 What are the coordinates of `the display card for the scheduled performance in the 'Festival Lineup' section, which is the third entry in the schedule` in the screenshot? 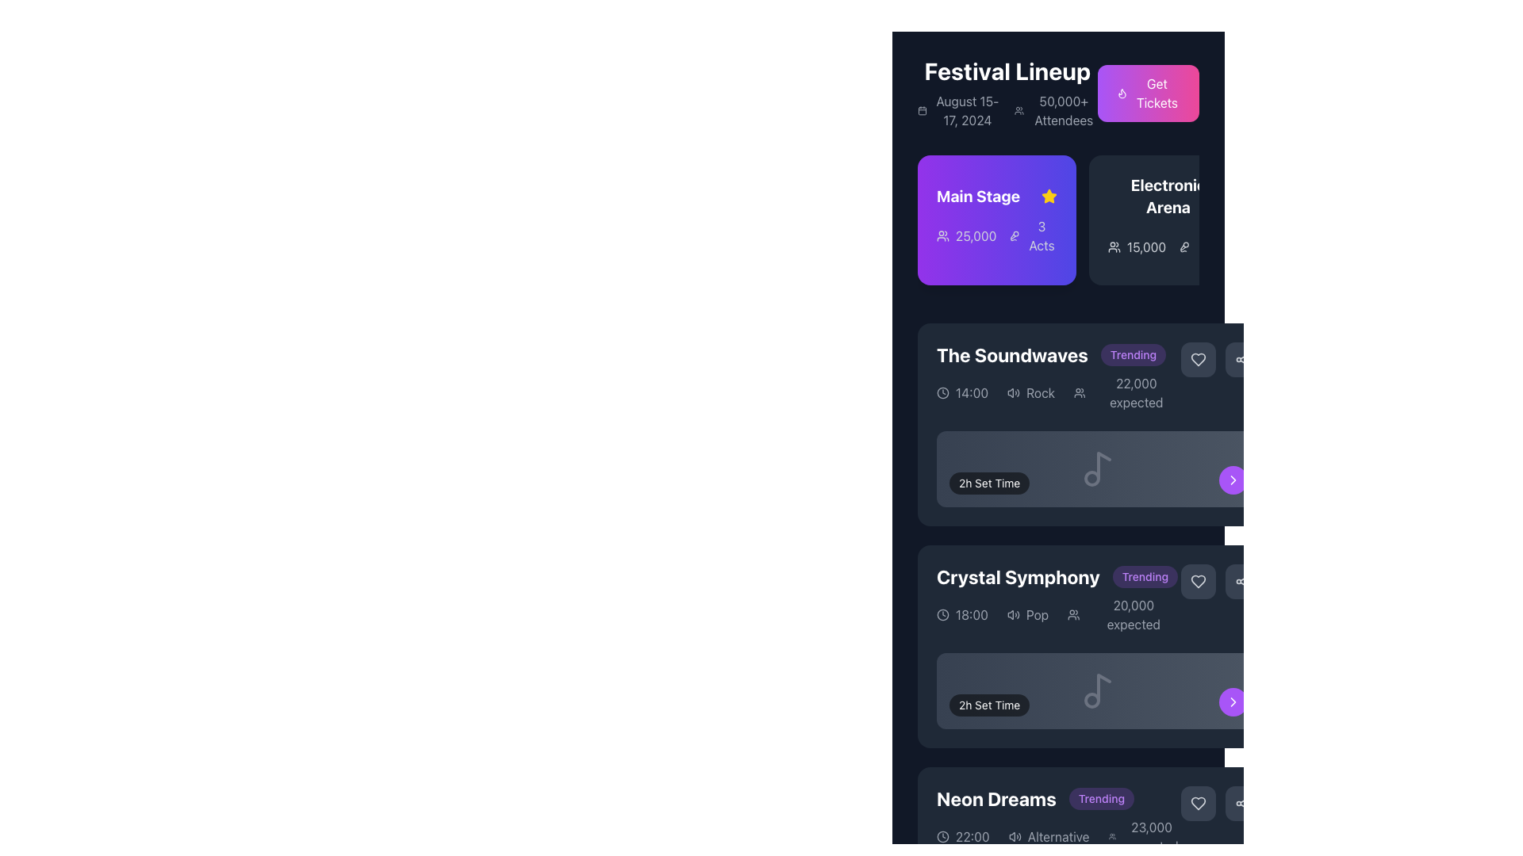 It's located at (1058, 599).